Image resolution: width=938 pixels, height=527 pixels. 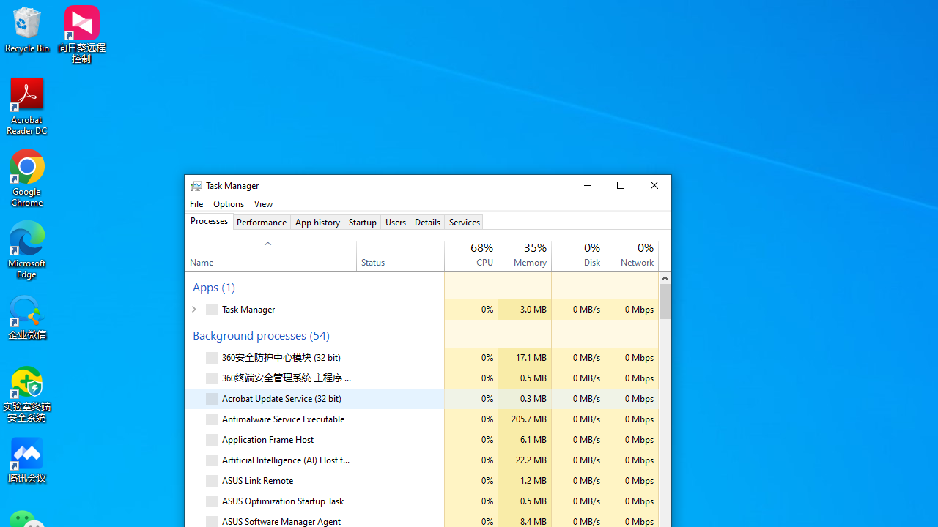 What do you see at coordinates (208, 222) in the screenshot?
I see `'Processes'` at bounding box center [208, 222].